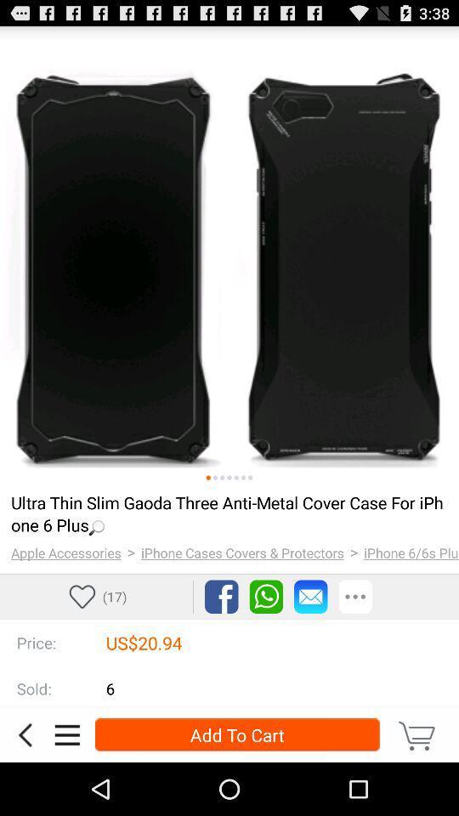 This screenshot has height=816, width=459. I want to click on iphone cases covers item, so click(241, 552).